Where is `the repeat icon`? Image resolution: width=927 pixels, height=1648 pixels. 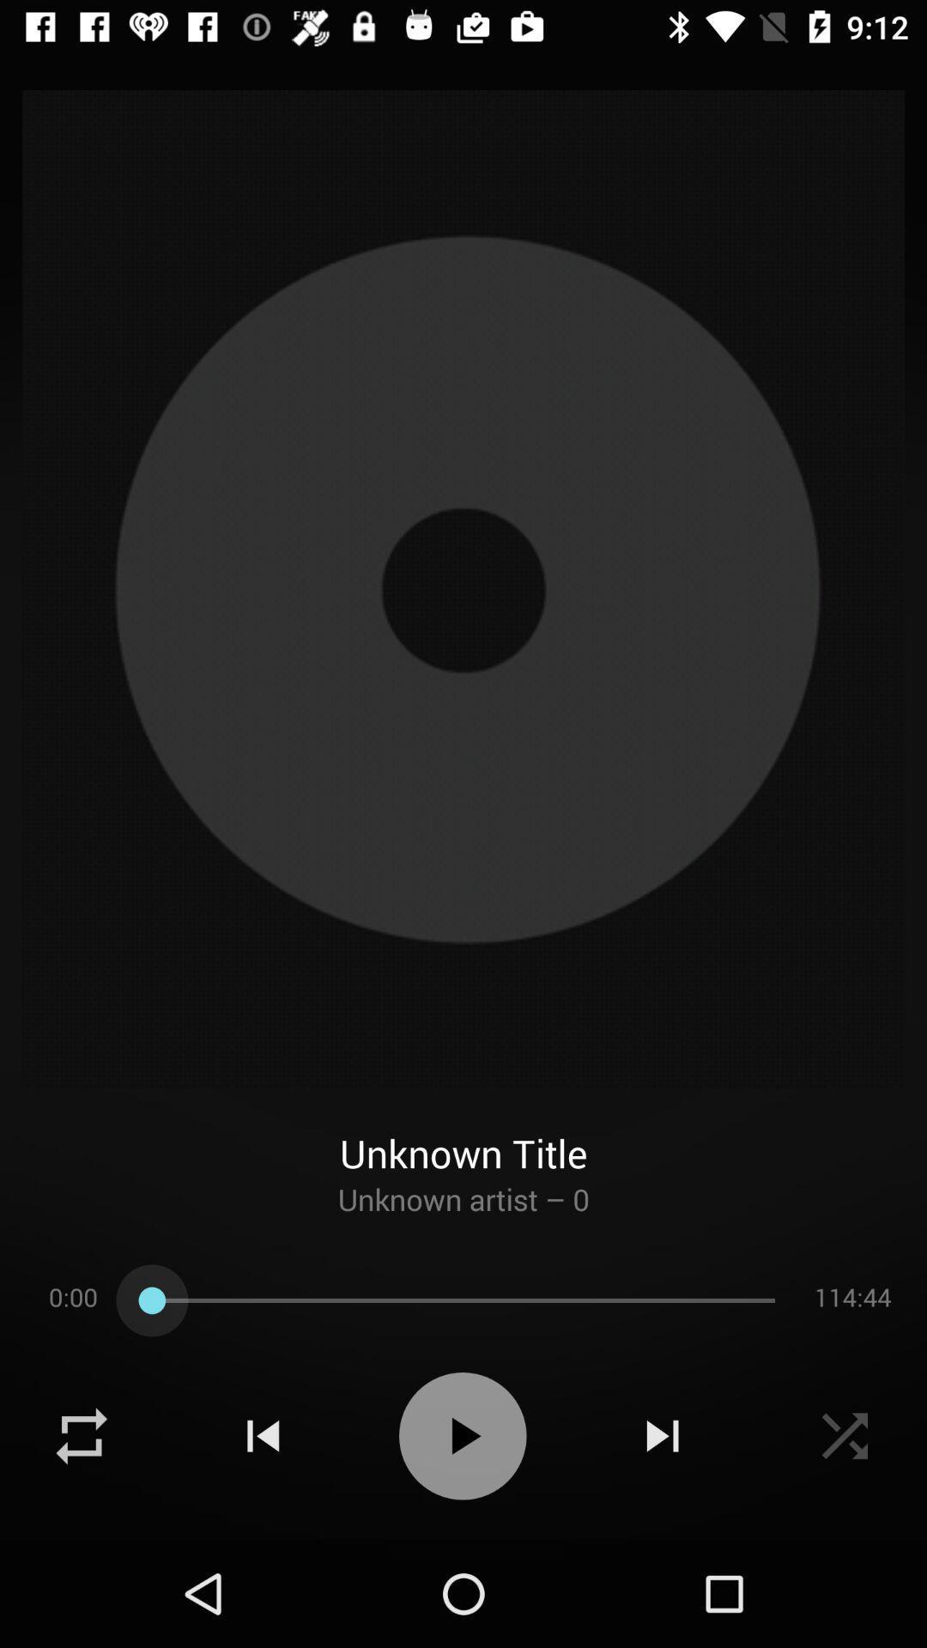 the repeat icon is located at coordinates (82, 1436).